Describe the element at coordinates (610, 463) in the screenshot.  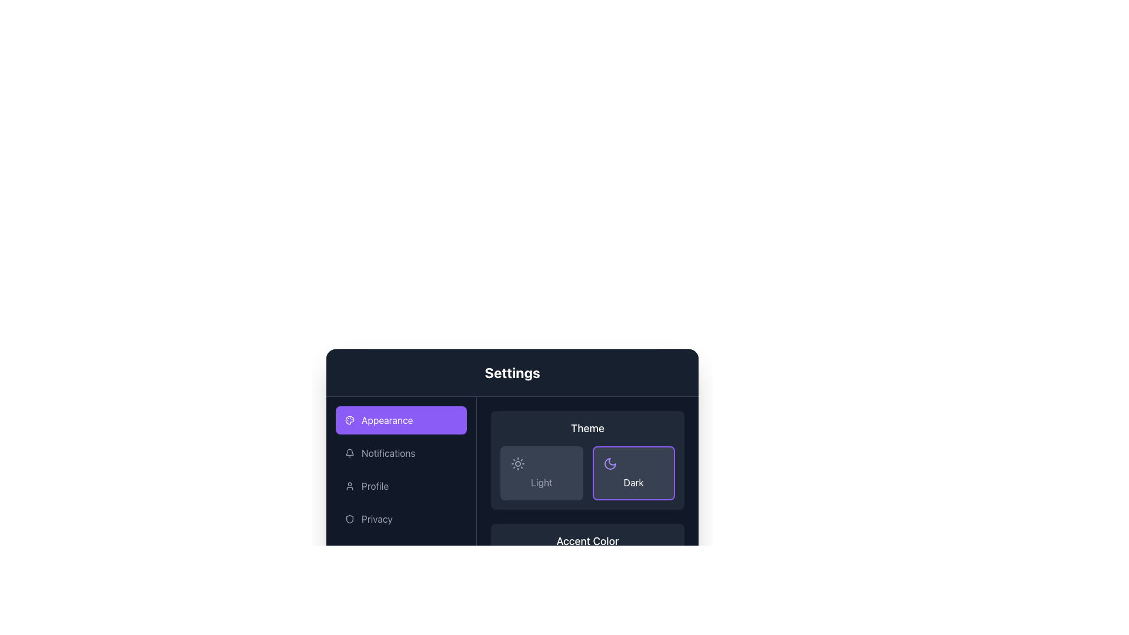
I see `the moon-shaped icon representing the dark theme setting, which is styled in violet and located within the 'Dark' button in the settings interface` at that location.